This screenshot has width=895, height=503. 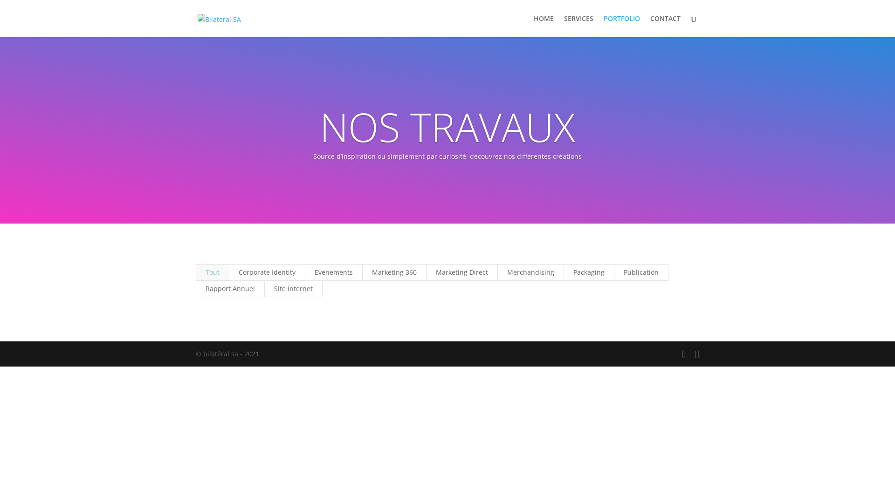 I want to click on 'CONTACT', so click(x=665, y=26).